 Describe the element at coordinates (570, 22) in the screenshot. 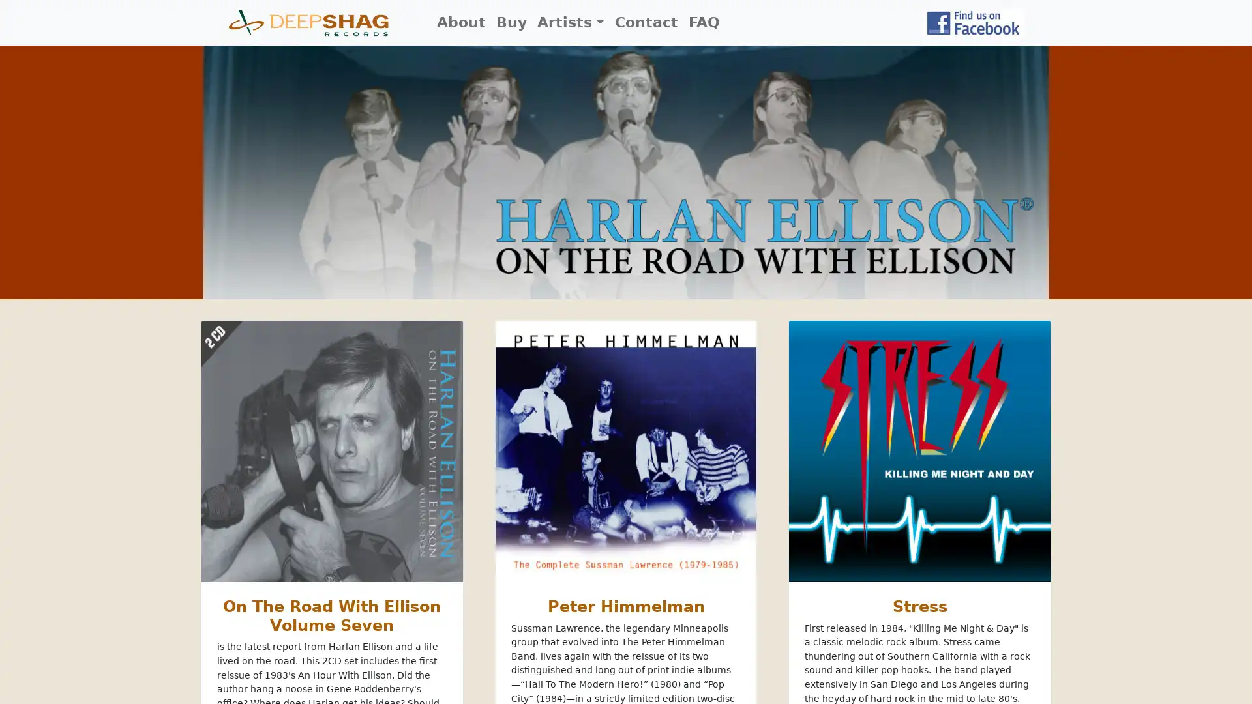

I see `Artists` at that location.